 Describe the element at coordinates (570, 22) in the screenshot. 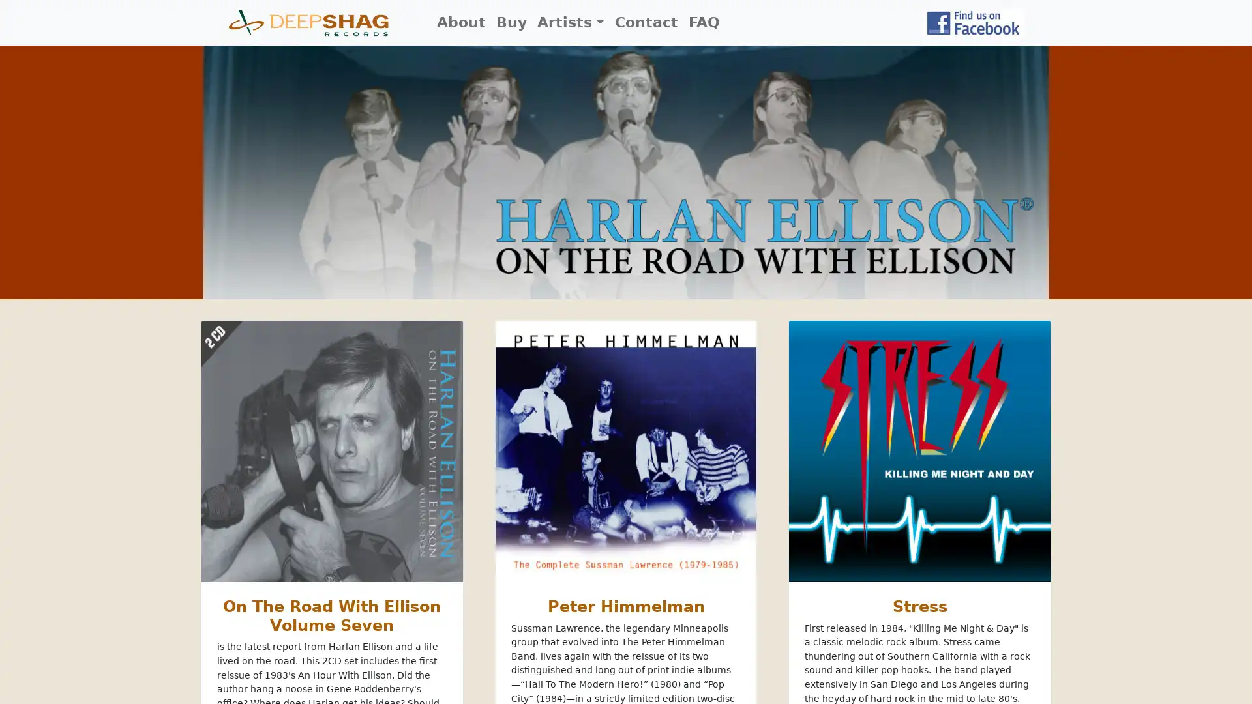

I see `Artists` at that location.